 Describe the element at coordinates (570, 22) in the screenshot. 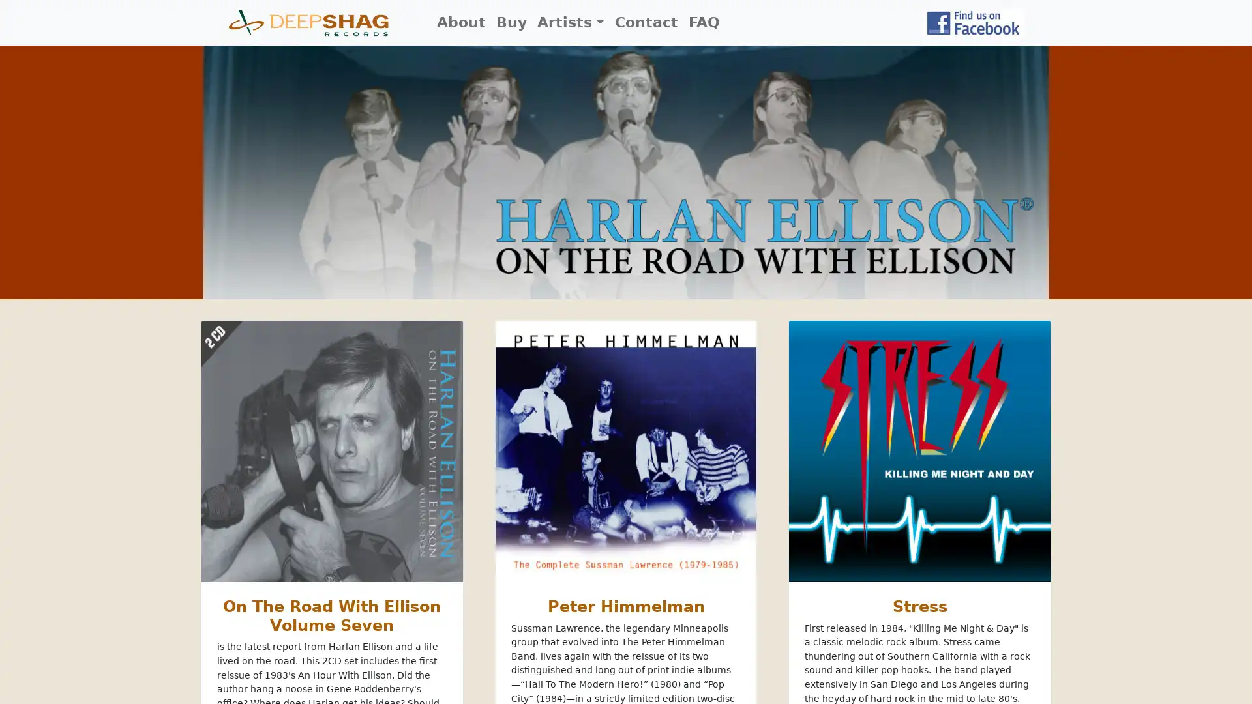

I see `Artists` at that location.